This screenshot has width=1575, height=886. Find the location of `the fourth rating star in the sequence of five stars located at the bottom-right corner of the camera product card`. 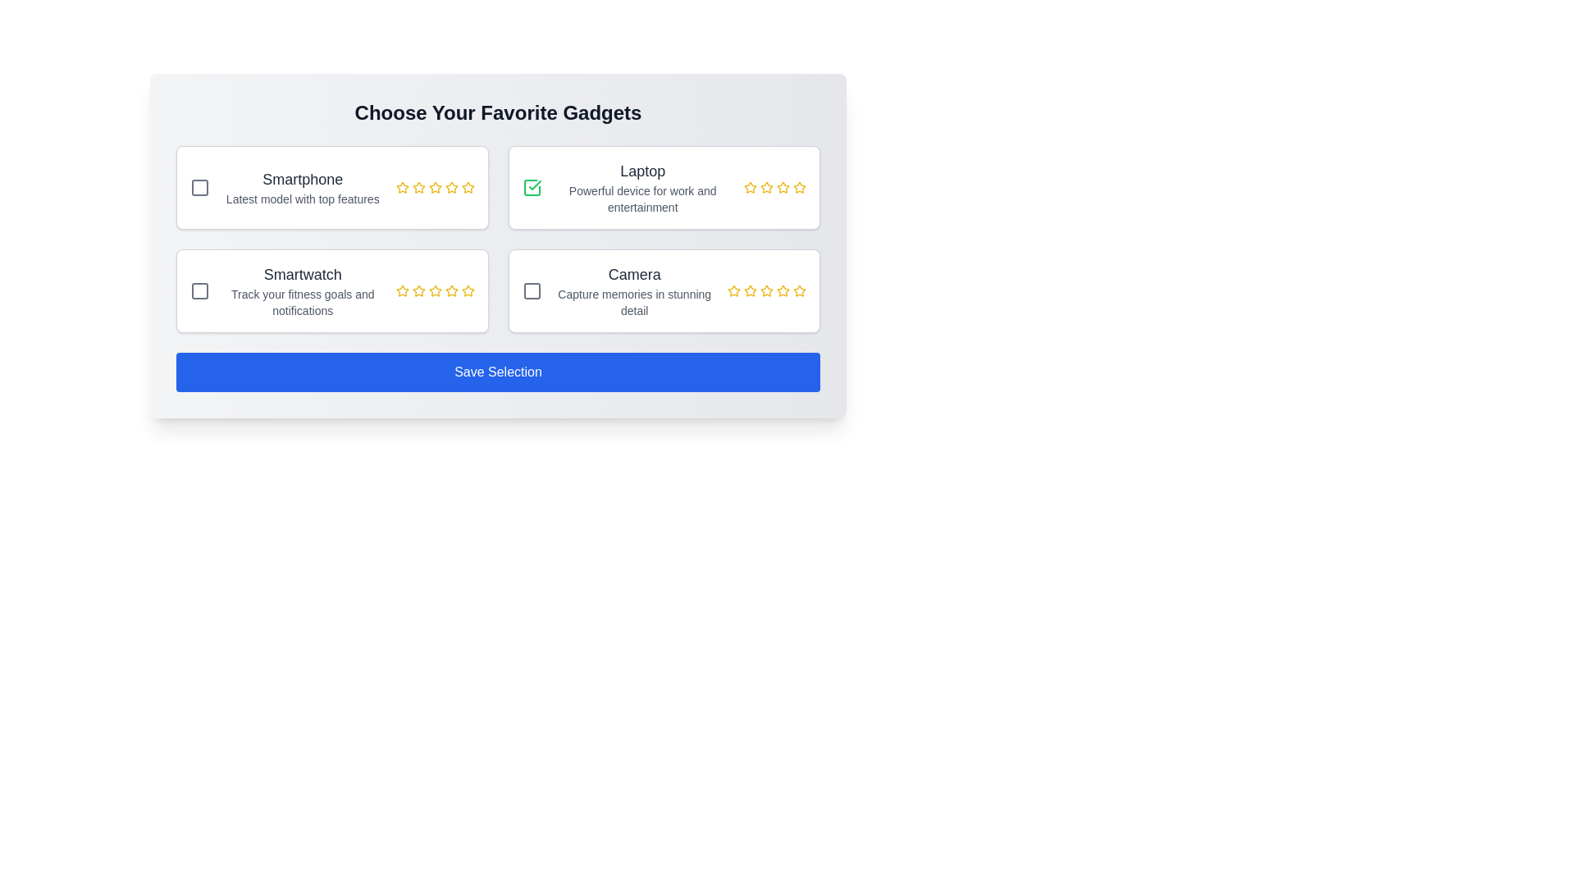

the fourth rating star in the sequence of five stars located at the bottom-right corner of the camera product card is located at coordinates (766, 290).